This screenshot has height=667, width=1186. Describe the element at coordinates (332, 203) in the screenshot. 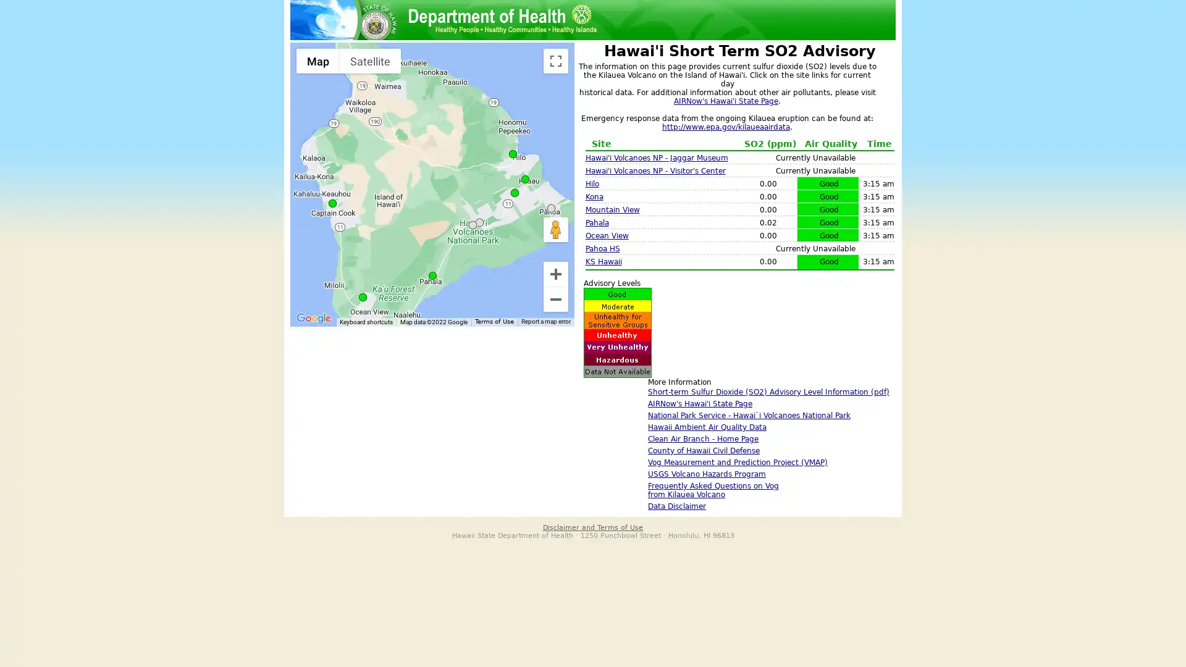

I see `Kona: SO2 0.00 ppm (Good) on 06/28 at 03:15 am` at that location.